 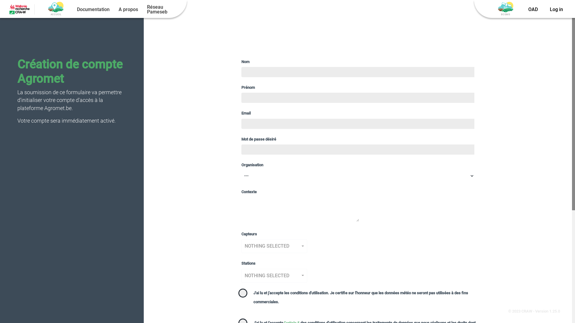 What do you see at coordinates (505, 9) in the screenshot?
I see `'BCGMS'` at bounding box center [505, 9].